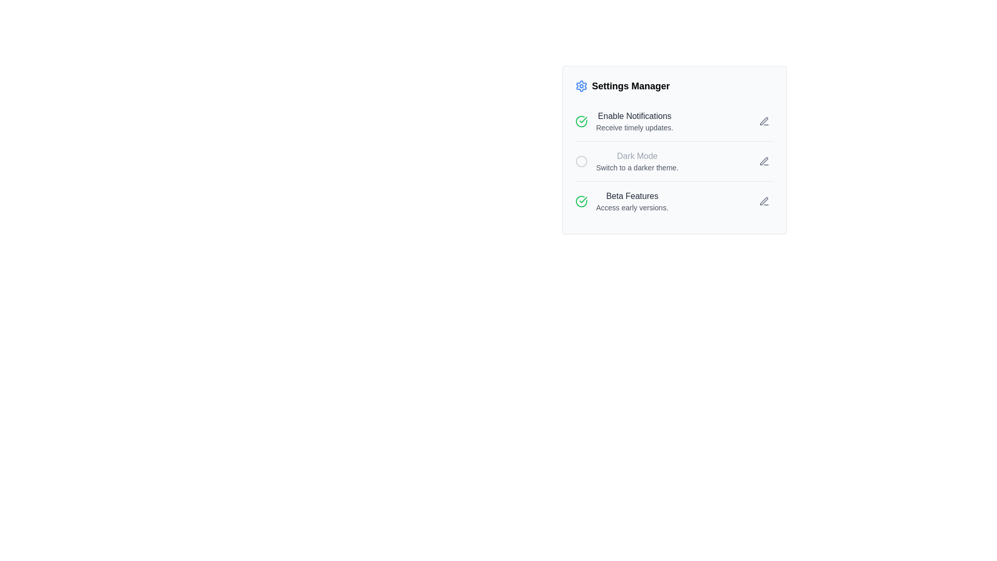  Describe the element at coordinates (630, 85) in the screenshot. I see `the 'Settings Manager' text label, which serves as a title for the settings panel and is positioned above the other settings options` at that location.